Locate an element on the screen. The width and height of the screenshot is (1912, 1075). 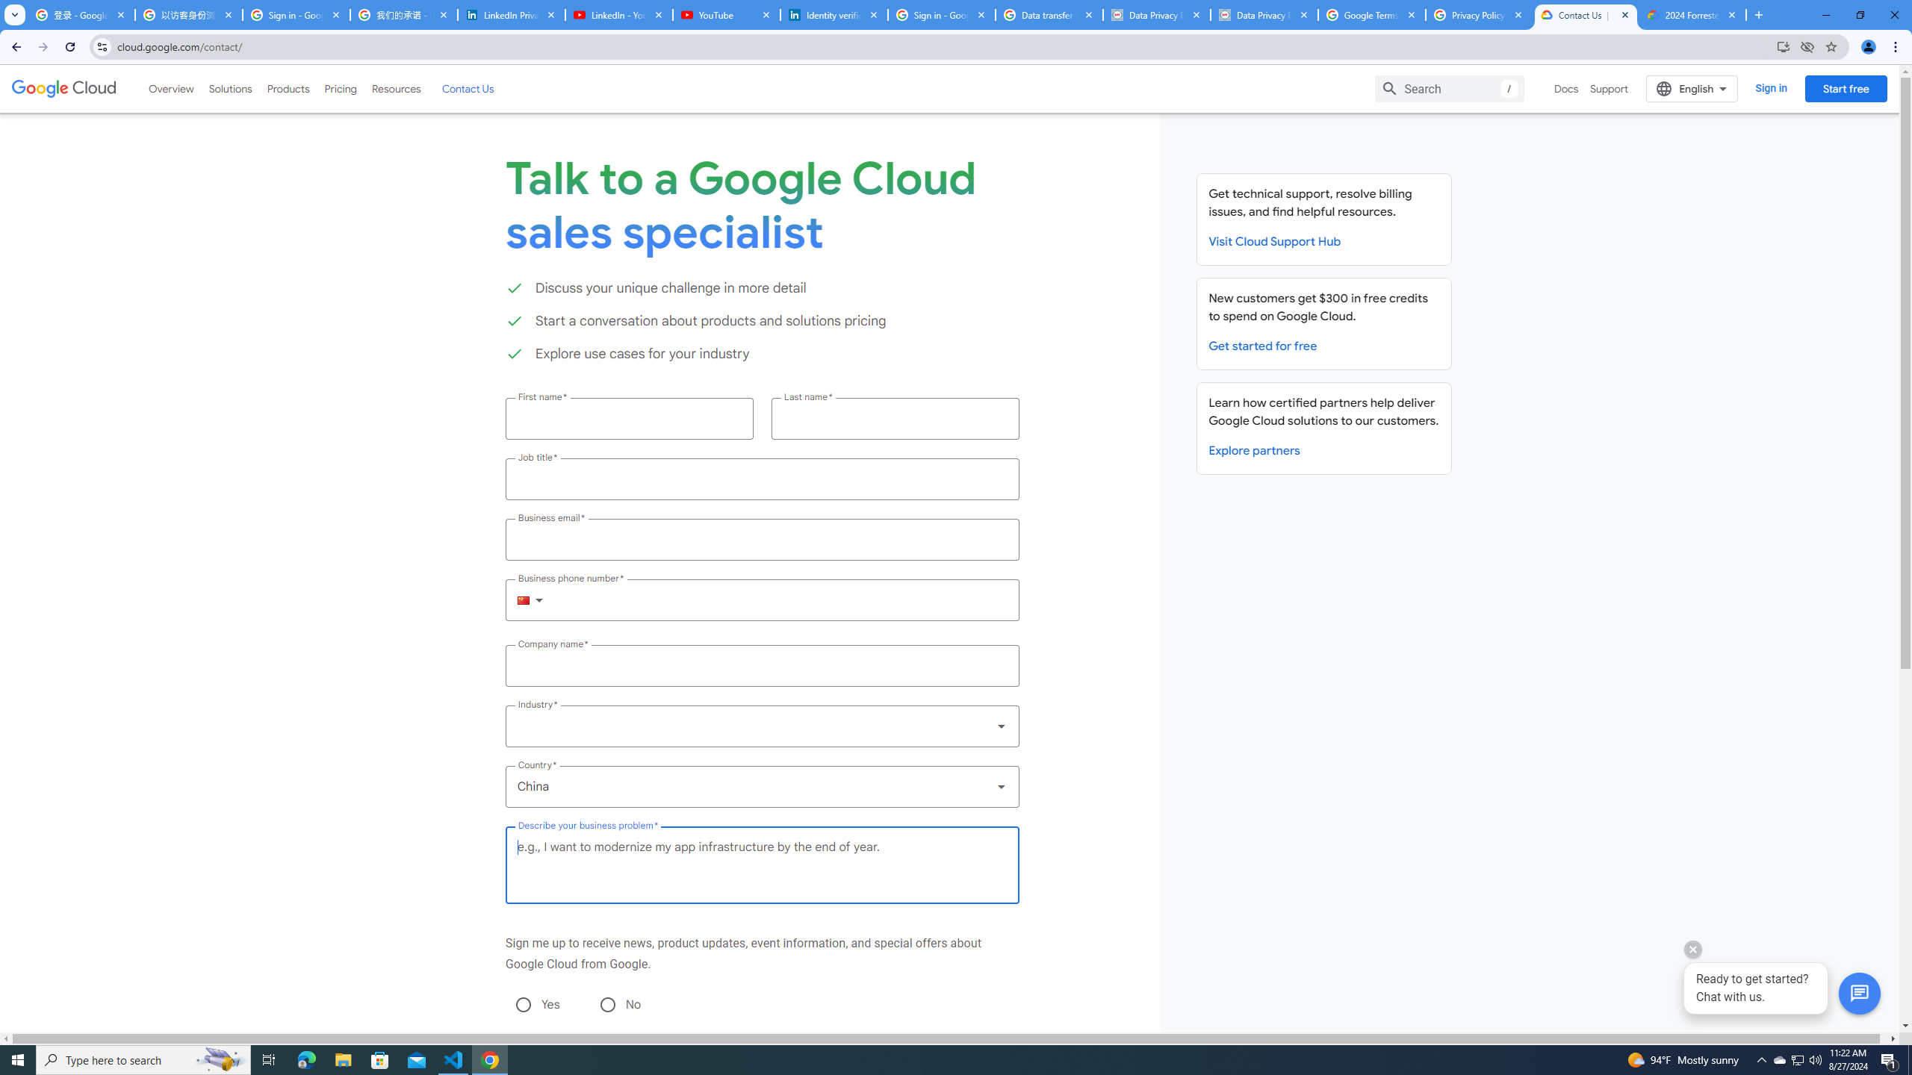
'Country *' is located at coordinates (761, 786).